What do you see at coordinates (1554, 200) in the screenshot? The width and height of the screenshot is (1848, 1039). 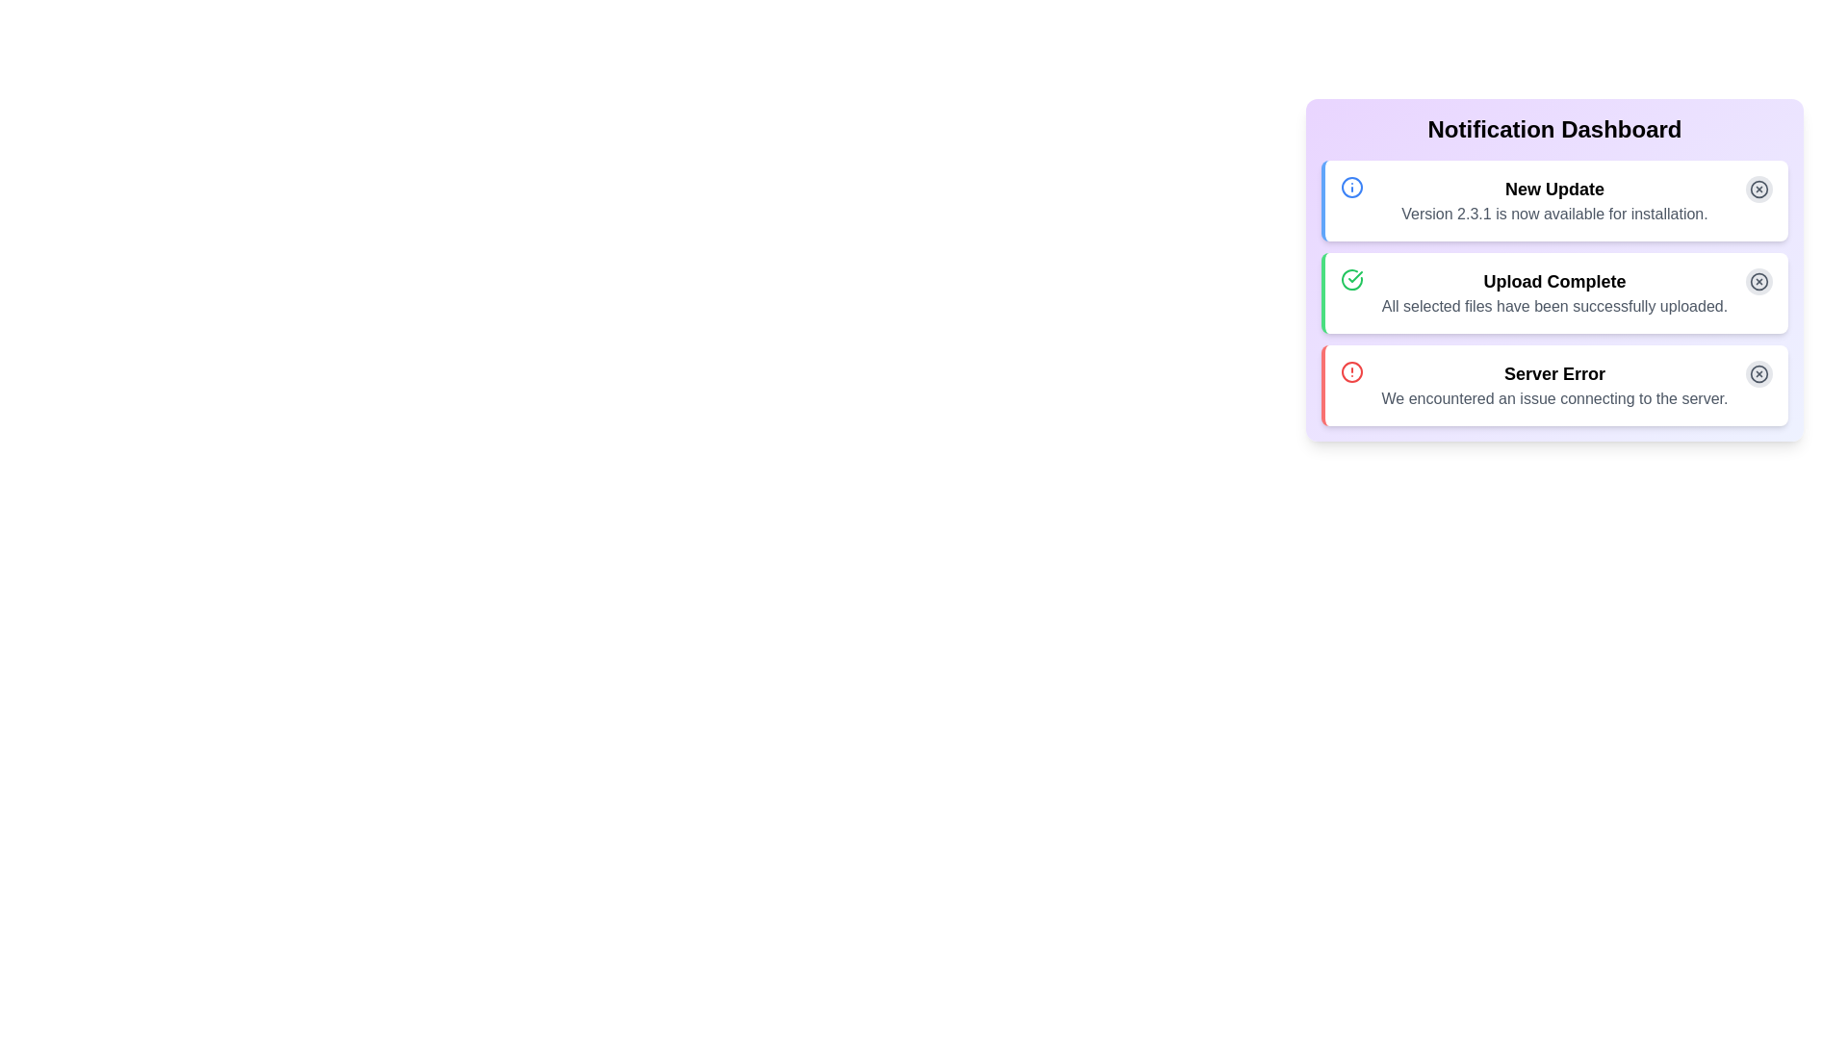 I see `the Notification card that informs users about a new software update, which is the first notification in a vertically stacked list` at bounding box center [1554, 200].